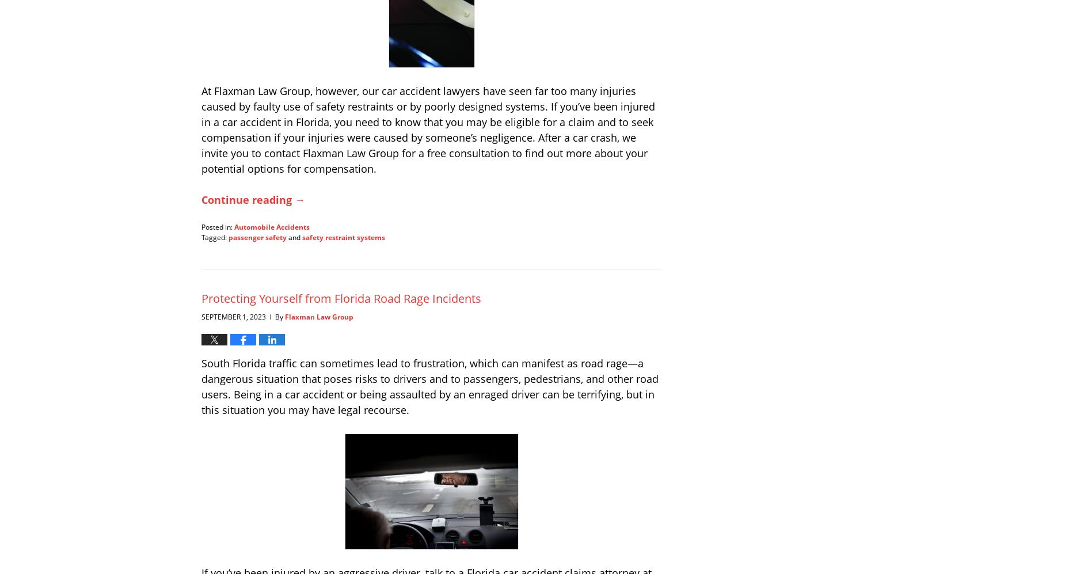 The image size is (1065, 574). What do you see at coordinates (287, 236) in the screenshot?
I see `'and'` at bounding box center [287, 236].